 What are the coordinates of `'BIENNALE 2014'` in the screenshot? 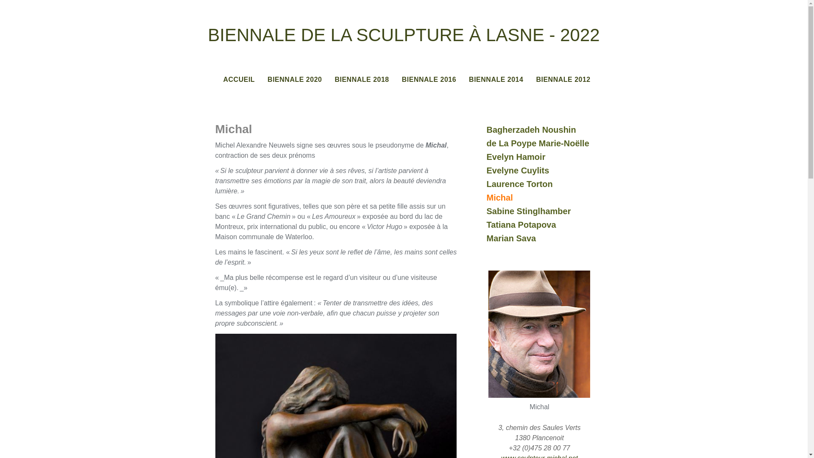 It's located at (496, 80).